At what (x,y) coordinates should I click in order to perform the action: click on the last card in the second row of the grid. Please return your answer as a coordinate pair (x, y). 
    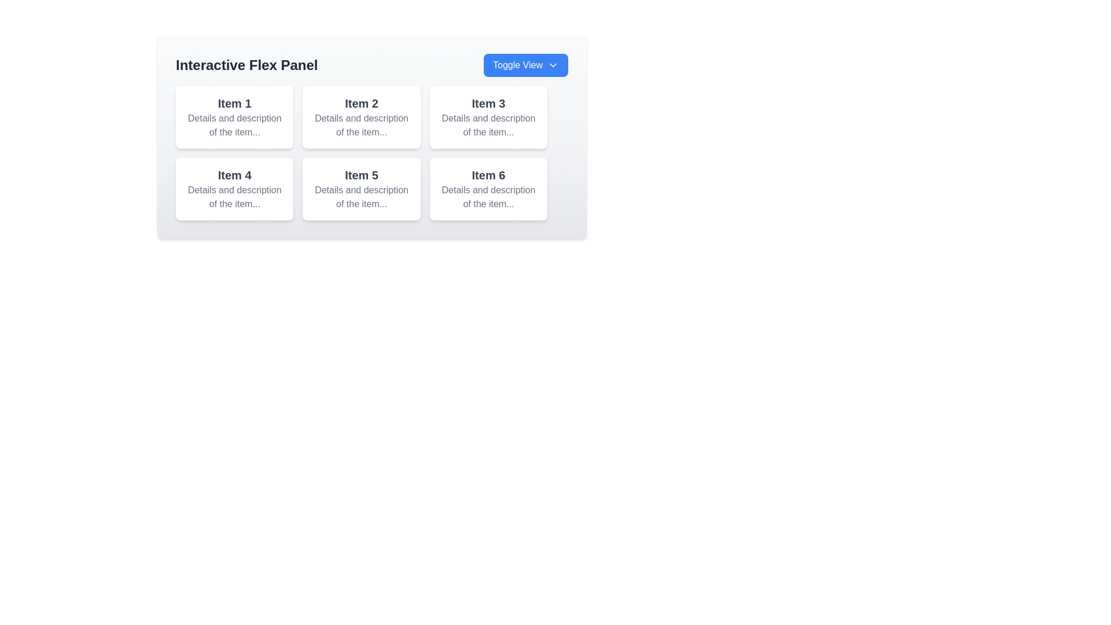
    Looking at the image, I should click on (488, 189).